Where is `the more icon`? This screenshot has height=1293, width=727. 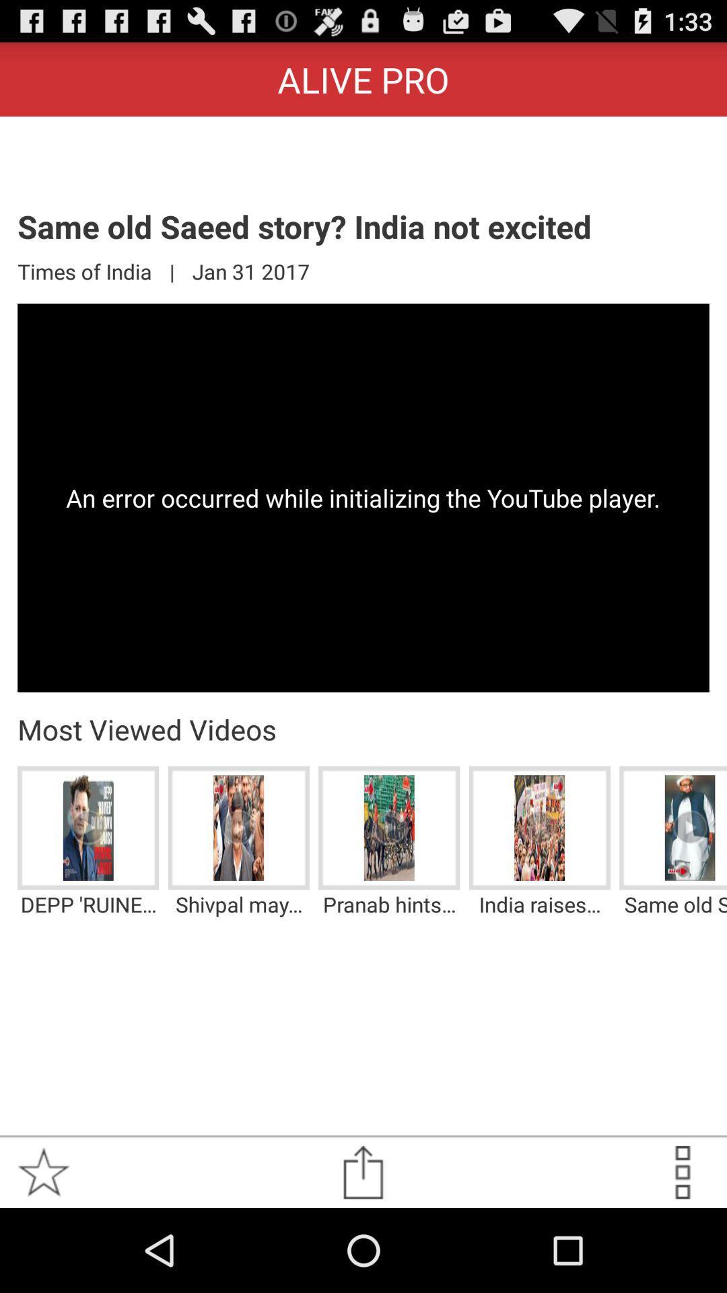 the more icon is located at coordinates (683, 1254).